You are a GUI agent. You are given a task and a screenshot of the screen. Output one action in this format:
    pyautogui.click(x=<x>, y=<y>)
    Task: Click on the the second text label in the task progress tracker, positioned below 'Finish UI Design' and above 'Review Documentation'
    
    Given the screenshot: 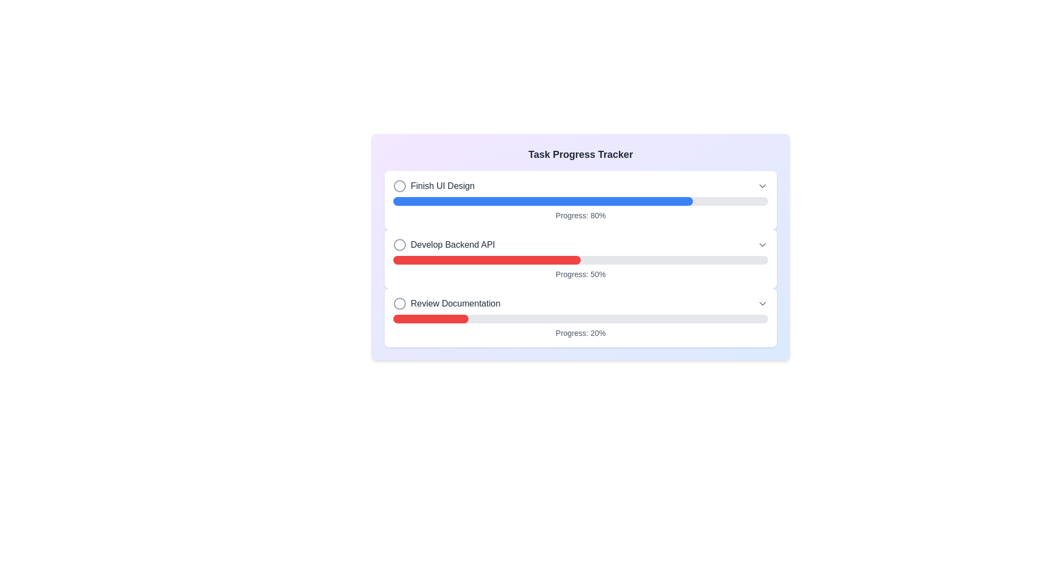 What is the action you would take?
    pyautogui.click(x=453, y=245)
    